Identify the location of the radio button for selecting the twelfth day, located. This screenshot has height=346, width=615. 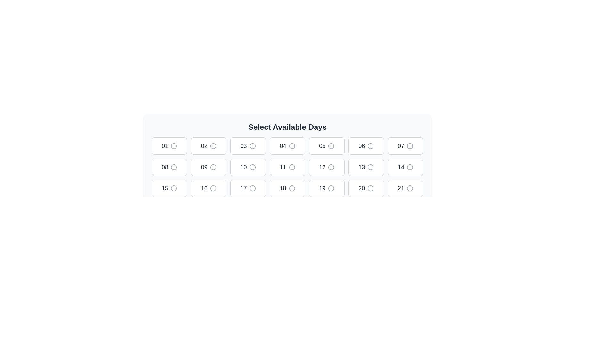
(326, 167).